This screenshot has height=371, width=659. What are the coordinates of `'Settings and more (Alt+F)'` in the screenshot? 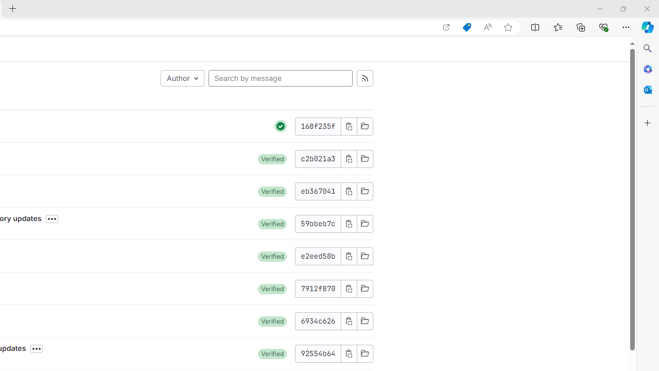 It's located at (626, 26).